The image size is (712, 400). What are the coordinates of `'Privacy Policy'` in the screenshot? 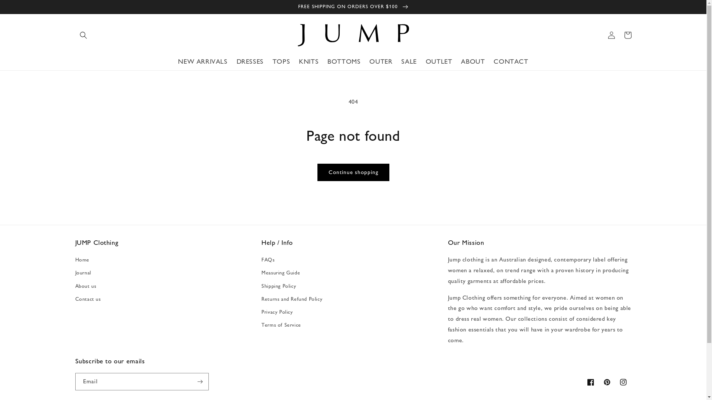 It's located at (277, 312).